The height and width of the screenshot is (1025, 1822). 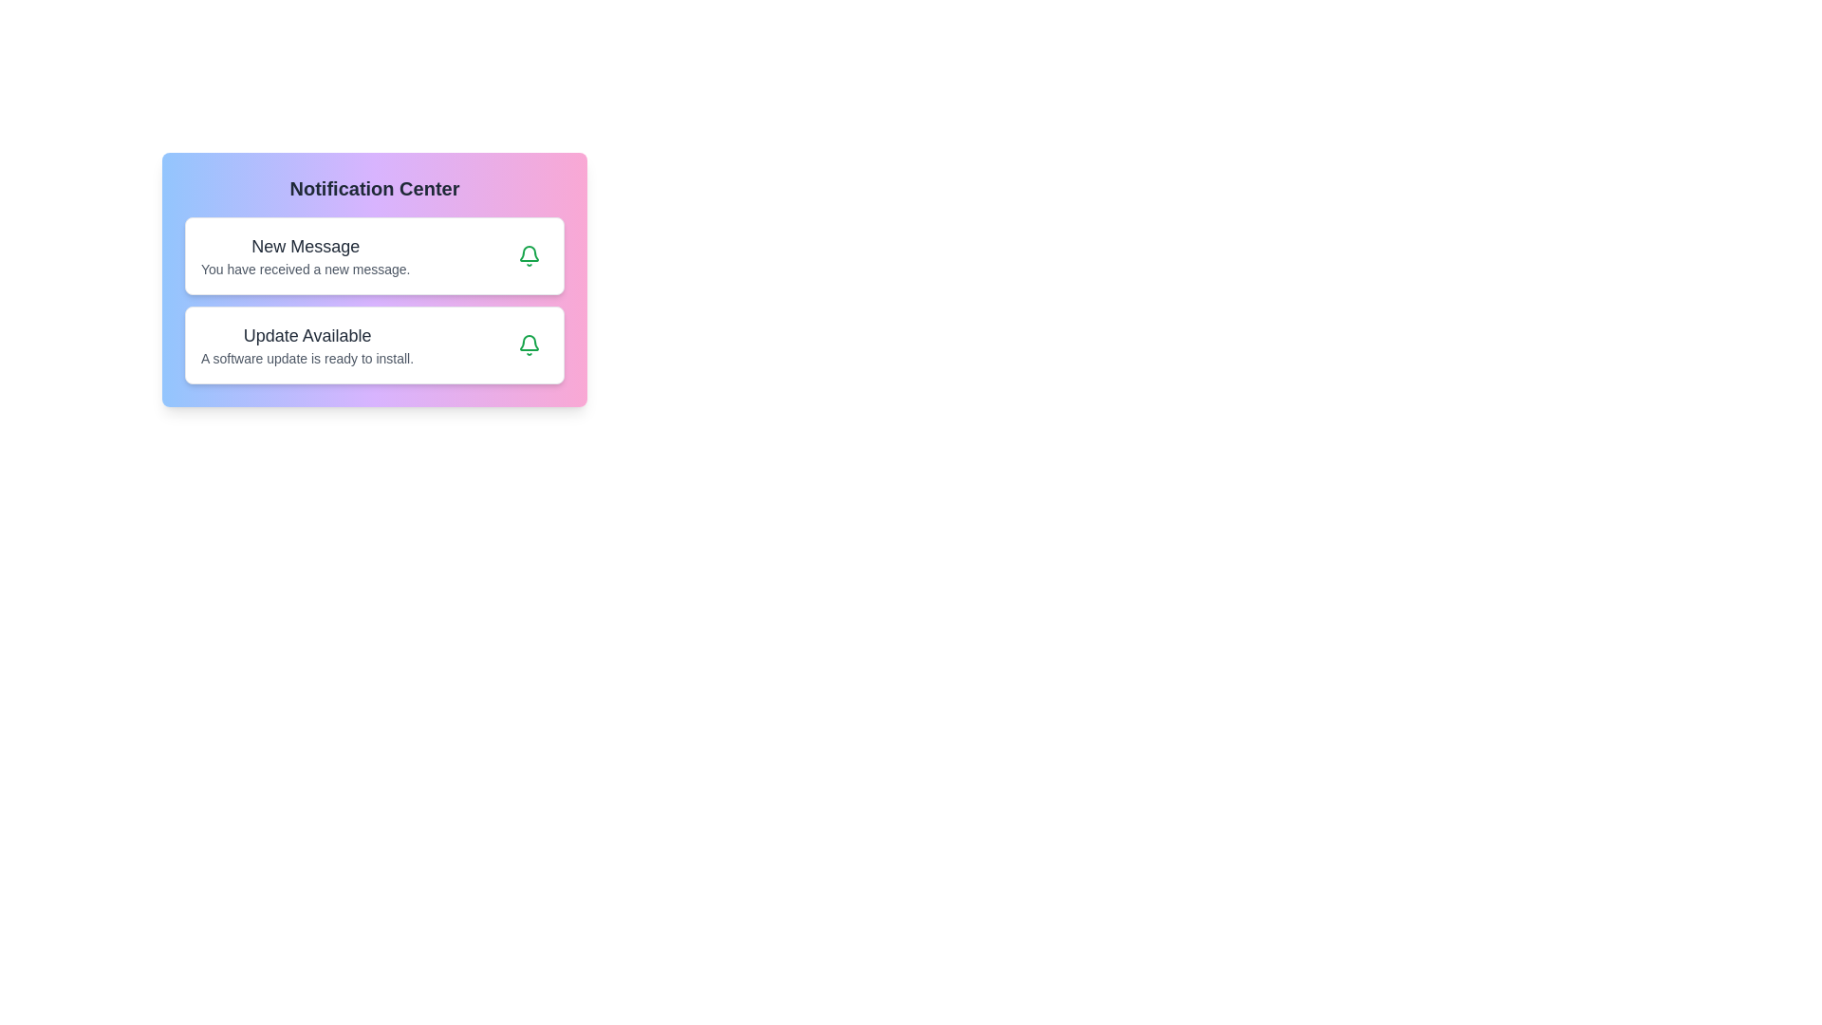 What do you see at coordinates (529, 345) in the screenshot?
I see `the green bell icon representing notifications, located in the notification area of the 'New Message' card` at bounding box center [529, 345].